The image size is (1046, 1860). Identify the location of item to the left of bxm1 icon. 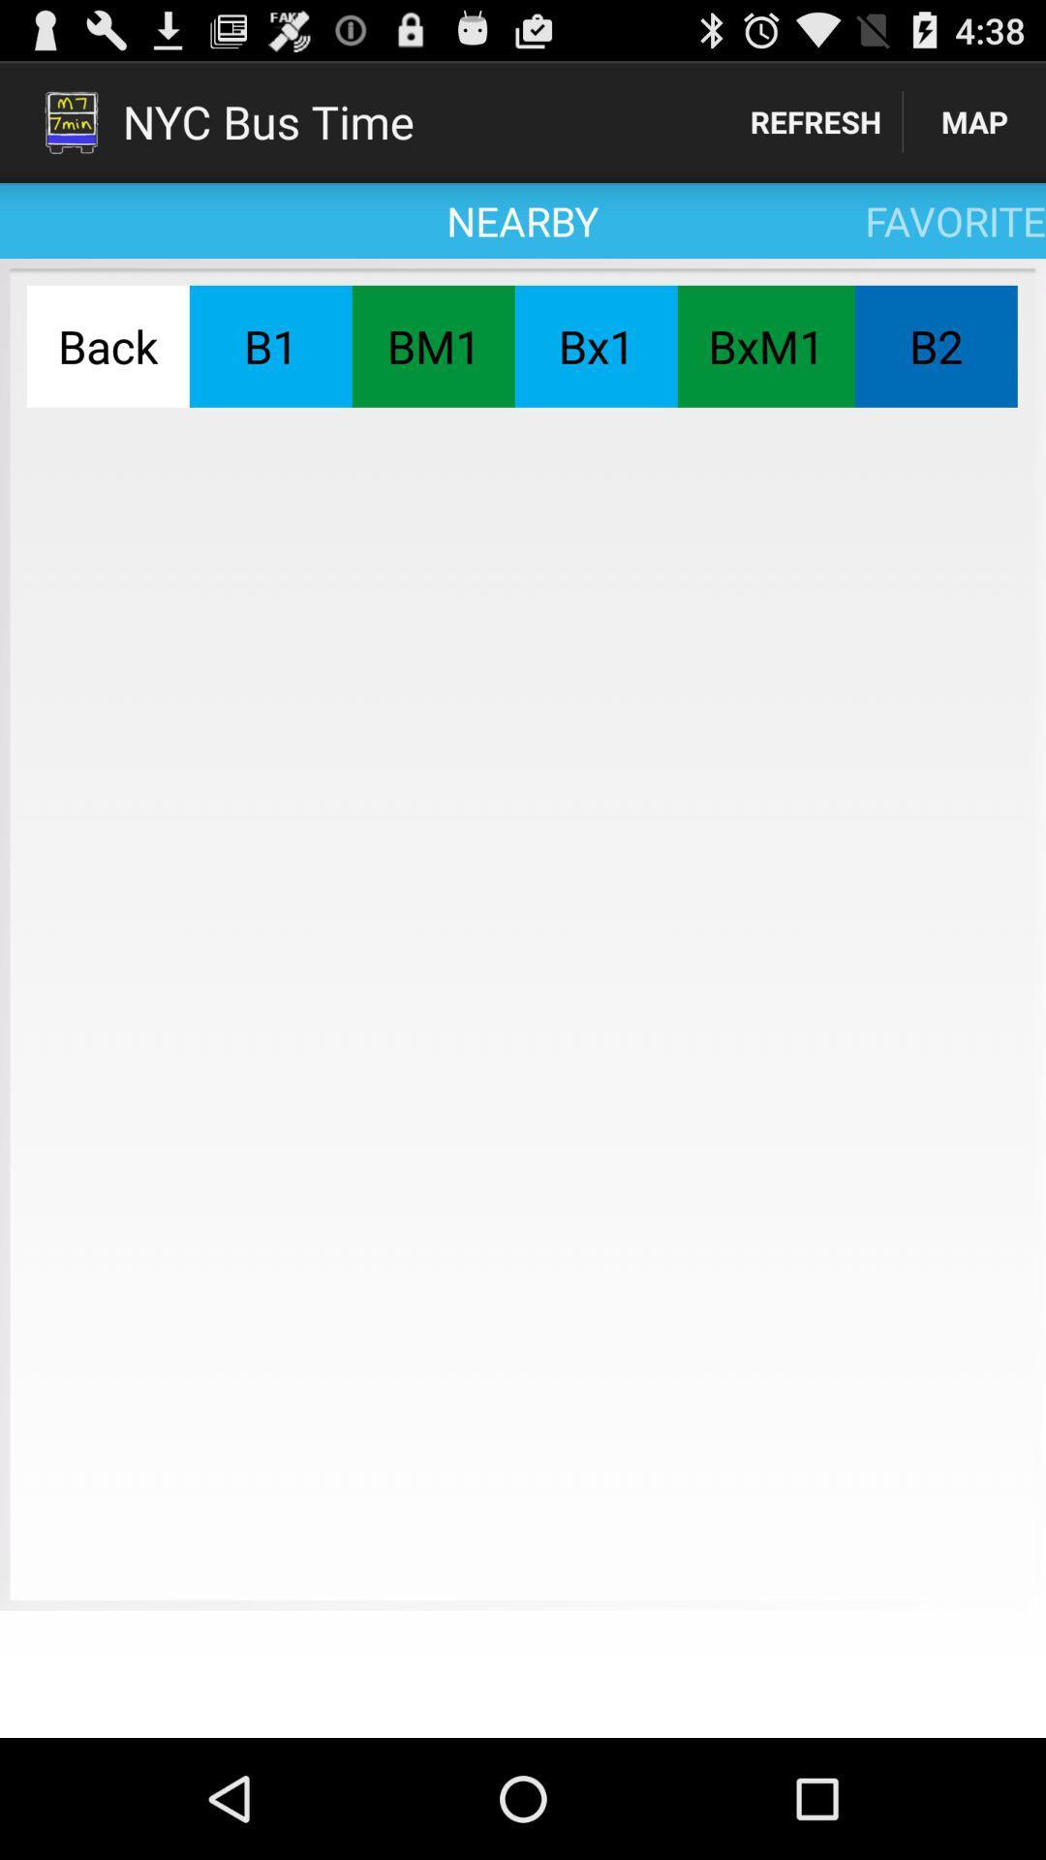
(595, 346).